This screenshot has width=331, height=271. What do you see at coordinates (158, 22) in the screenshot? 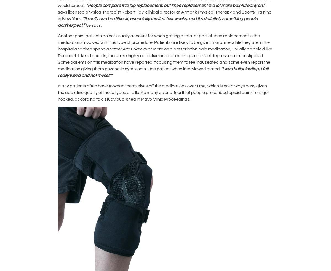
I see `'s definitely something people don'` at bounding box center [158, 22].